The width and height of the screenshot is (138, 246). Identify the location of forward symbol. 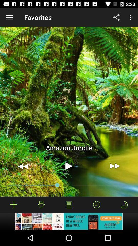
(115, 166).